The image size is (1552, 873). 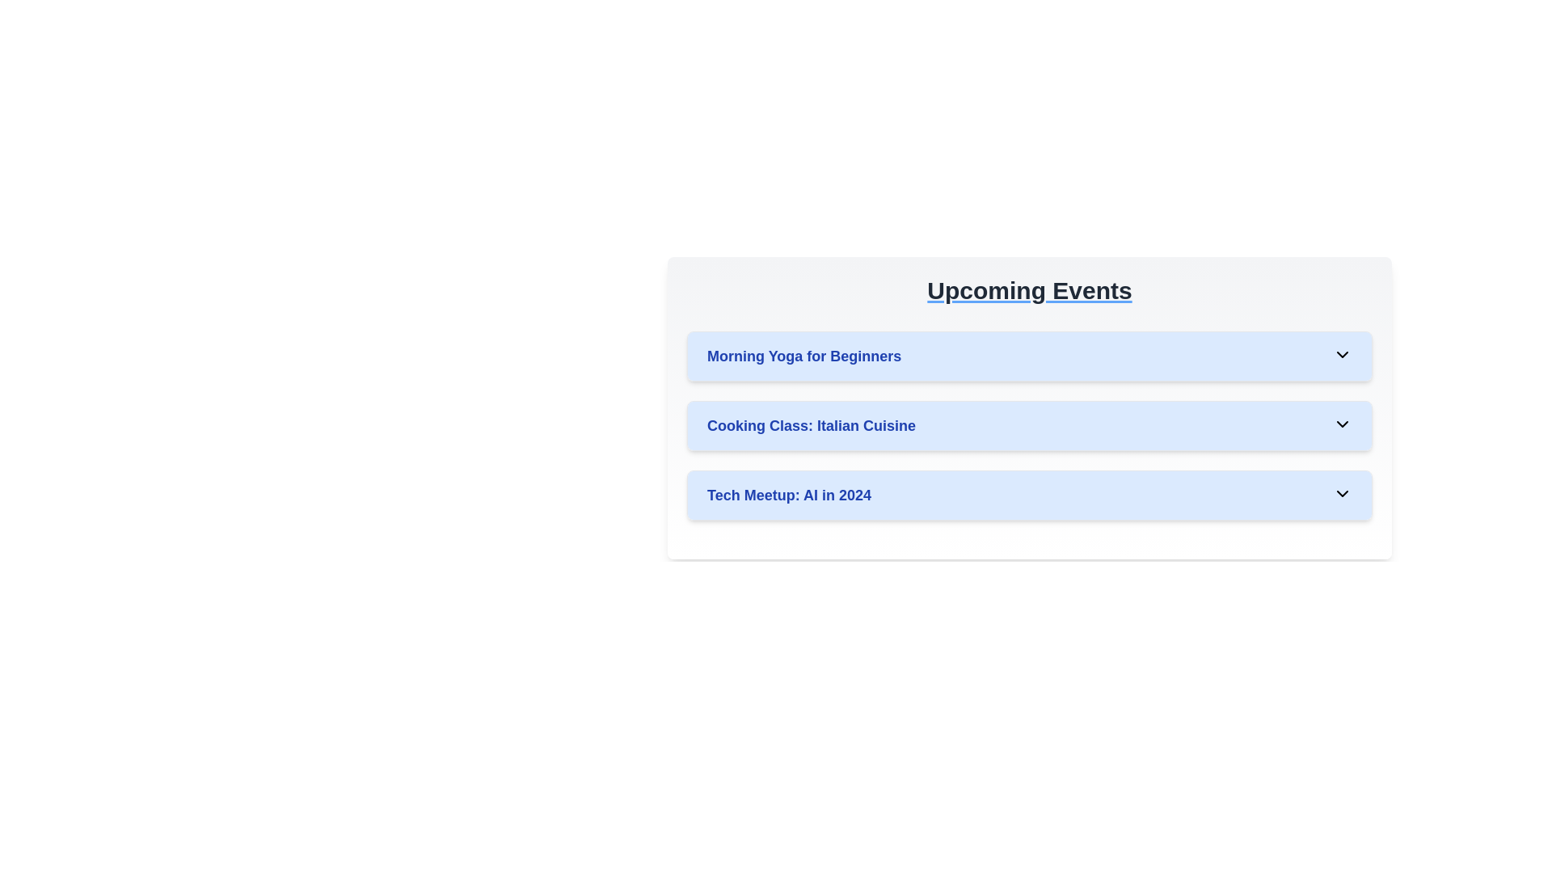 What do you see at coordinates (789, 495) in the screenshot?
I see `the text label for the event titled 'Tech Meetup: AI in 2024', which is the third item in the list of upcoming events` at bounding box center [789, 495].